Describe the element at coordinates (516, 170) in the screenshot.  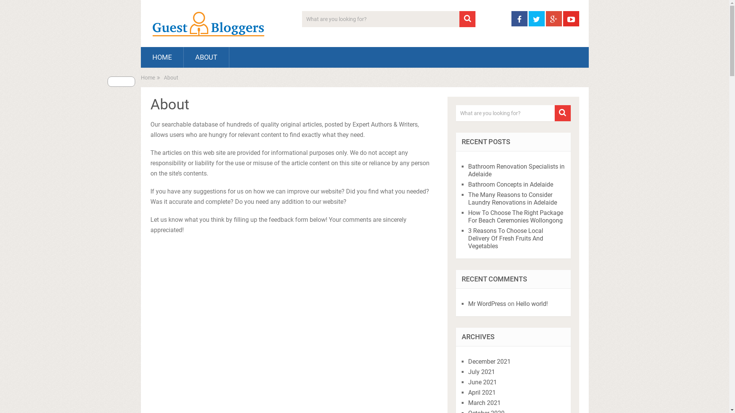
I see `'Bathroom Renovation Specialists in Adelaide'` at that location.